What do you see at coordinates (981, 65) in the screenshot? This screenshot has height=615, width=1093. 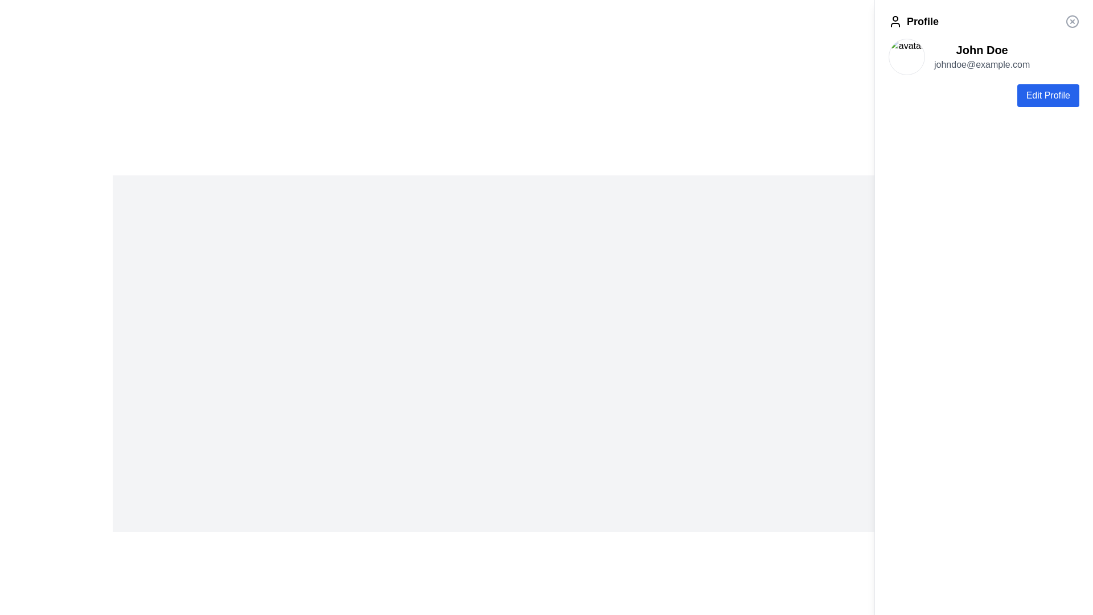 I see `the text label that displays the user's email address, located directly below the bolded name title 'John Doe' in the Profile modal` at bounding box center [981, 65].